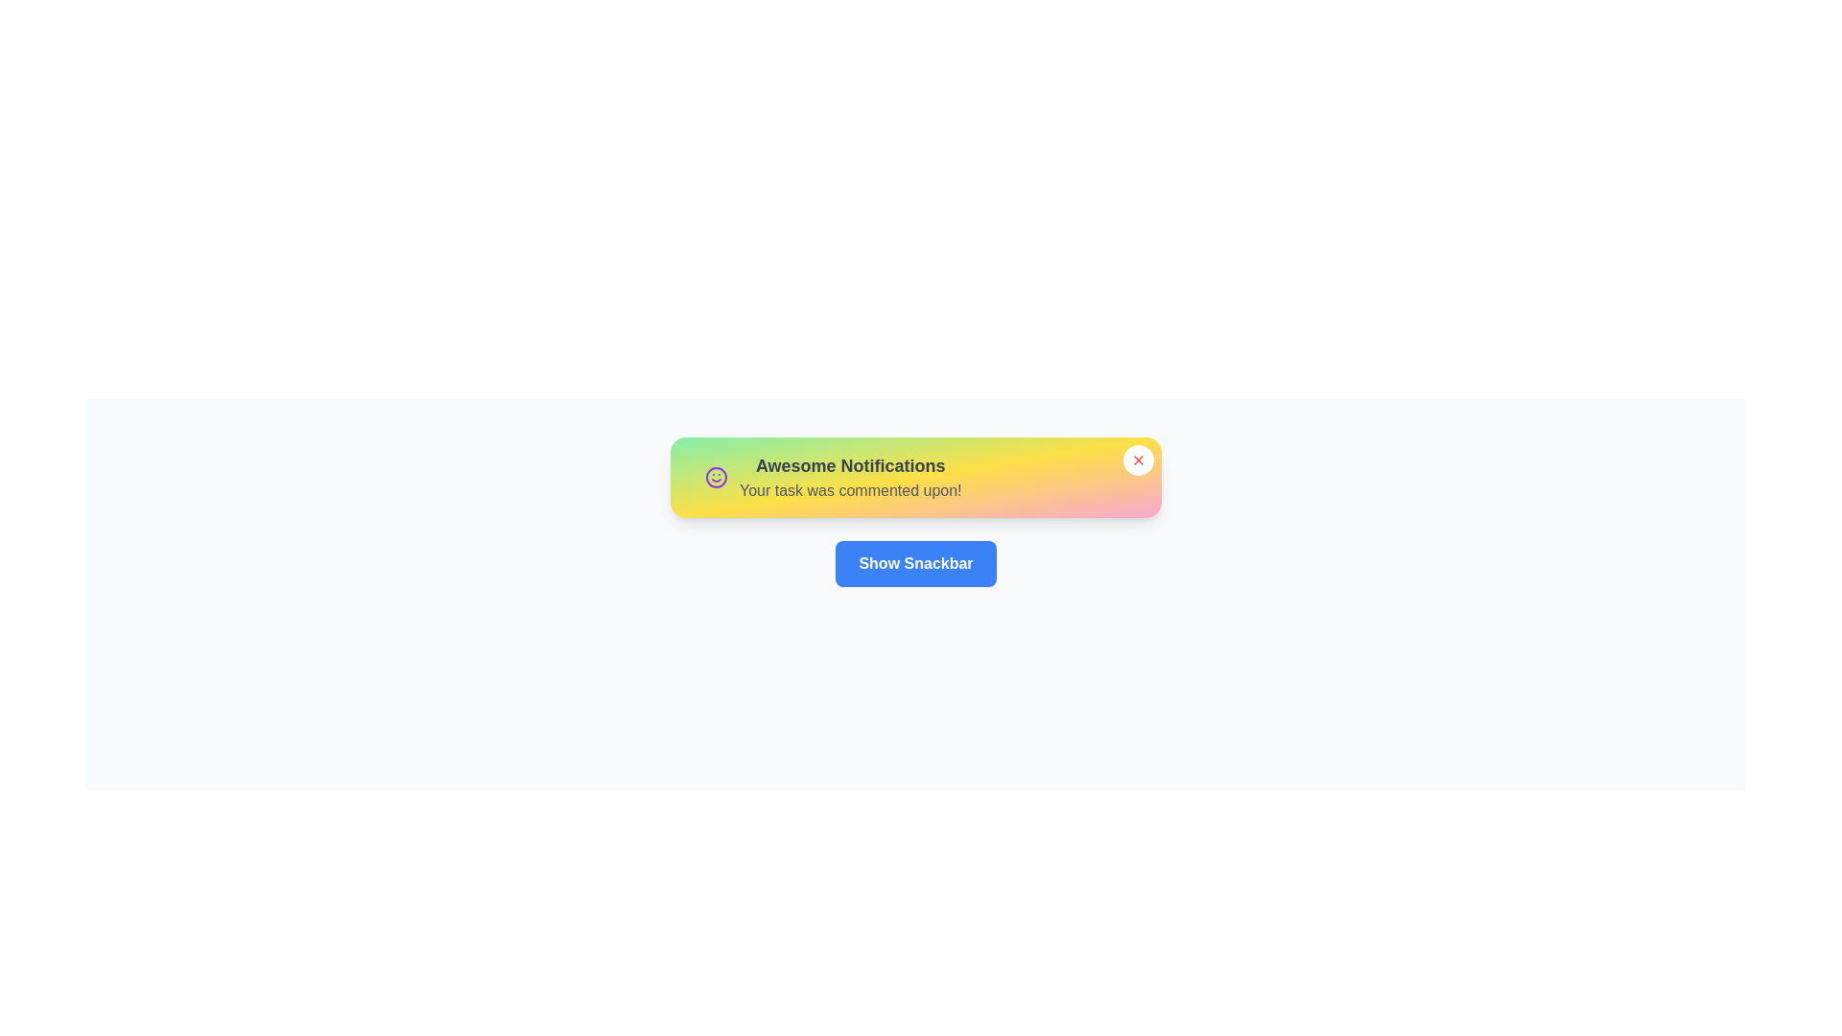  What do you see at coordinates (1138, 459) in the screenshot?
I see `the close button of the snackbar to close it` at bounding box center [1138, 459].